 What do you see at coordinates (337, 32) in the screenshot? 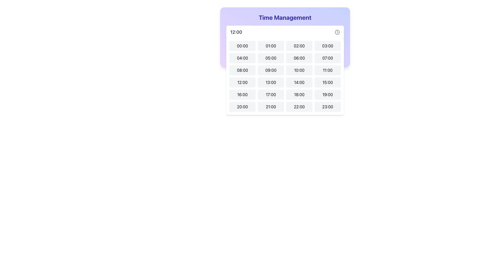
I see `the SVG circle element styled with a gray stroke, part of the clock icon located in the top-right corner of the main content area, just below the 'Time Management' heading` at bounding box center [337, 32].